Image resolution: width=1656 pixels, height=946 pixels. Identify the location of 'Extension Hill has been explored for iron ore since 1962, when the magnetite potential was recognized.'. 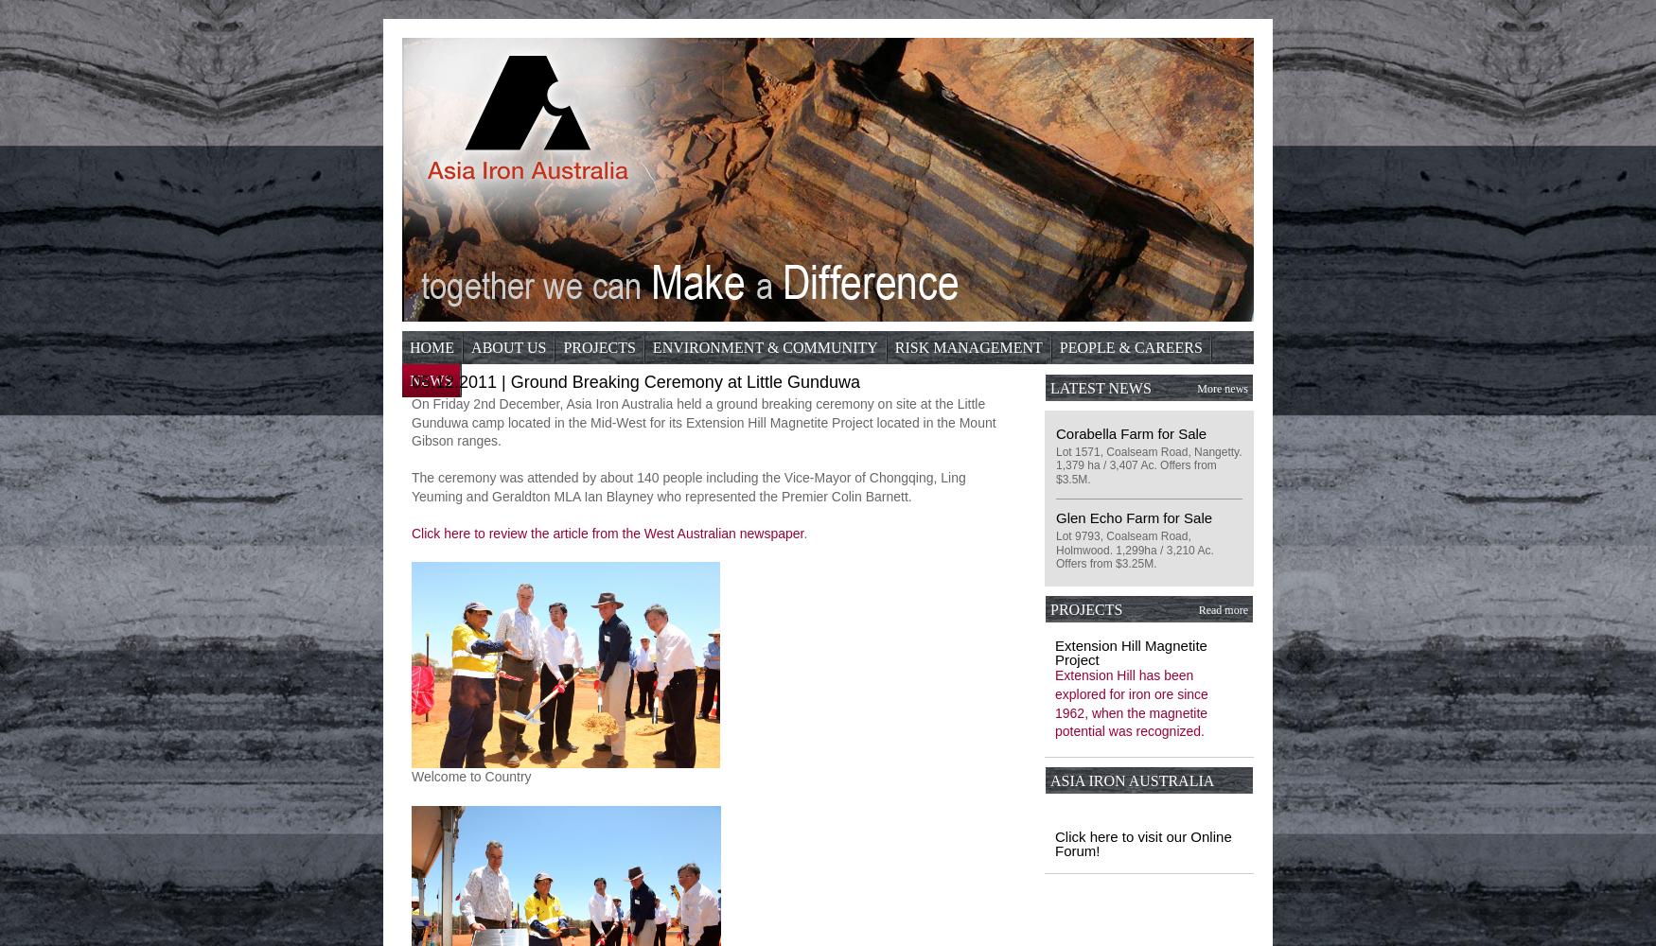
(1131, 702).